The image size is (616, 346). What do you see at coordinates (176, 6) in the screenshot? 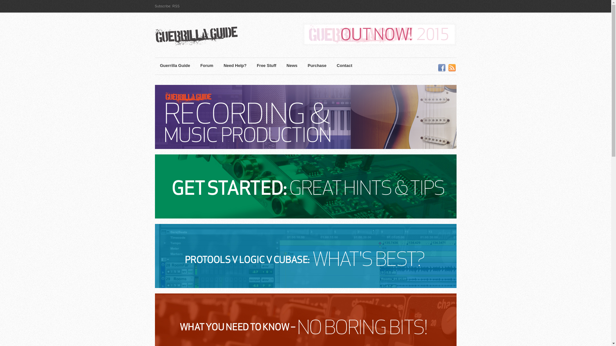
I see `'RSS'` at bounding box center [176, 6].